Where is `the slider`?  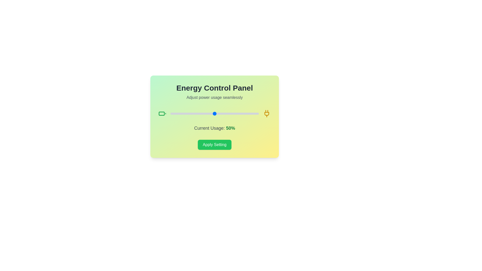 the slider is located at coordinates (190, 113).